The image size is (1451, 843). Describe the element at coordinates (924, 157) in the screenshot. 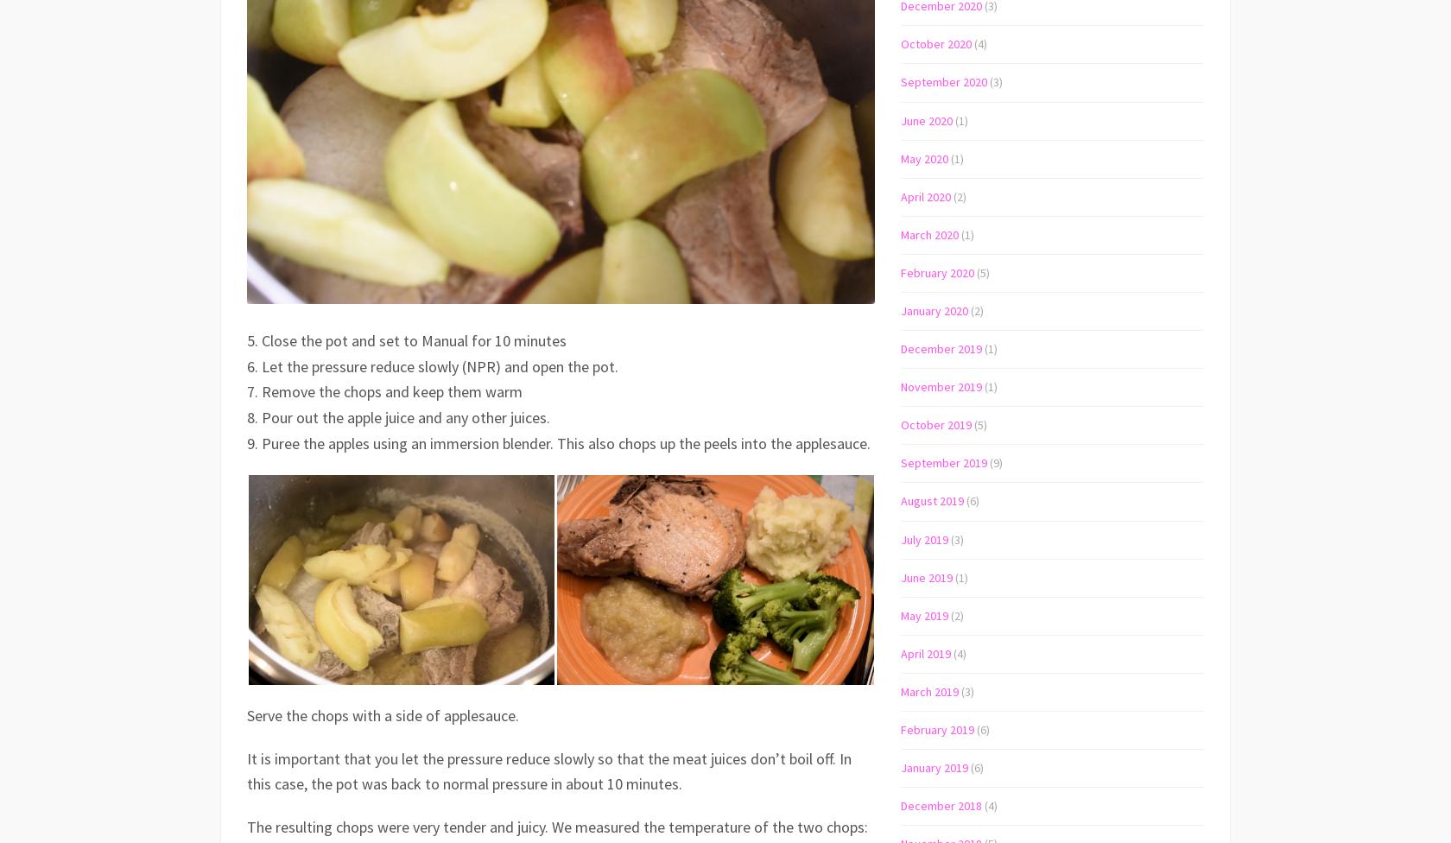

I see `'May 2020'` at that location.